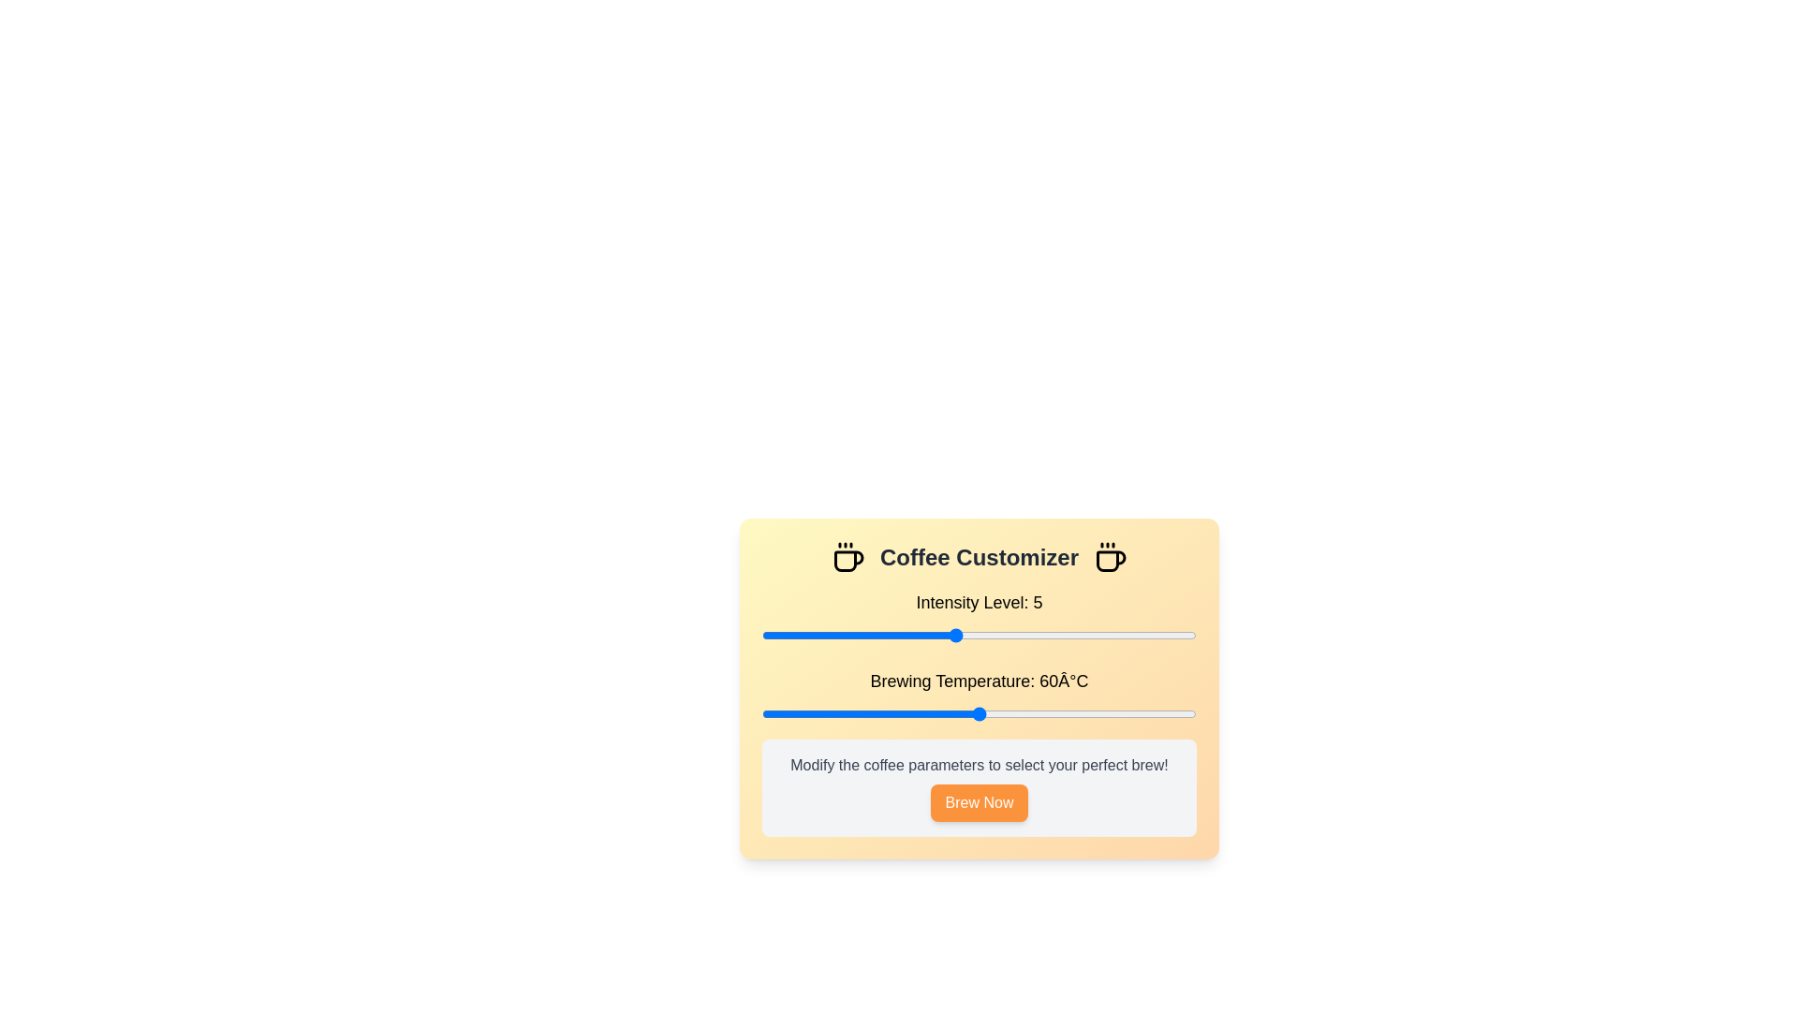  I want to click on the coffee intensity level to 2 by interacting with the slider, so click(810, 634).